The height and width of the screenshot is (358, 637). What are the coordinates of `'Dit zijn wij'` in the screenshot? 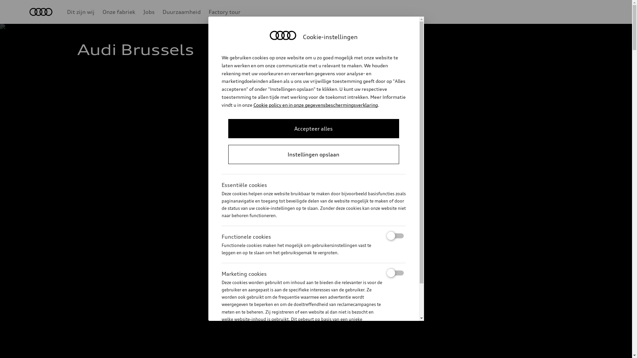 It's located at (80, 12).